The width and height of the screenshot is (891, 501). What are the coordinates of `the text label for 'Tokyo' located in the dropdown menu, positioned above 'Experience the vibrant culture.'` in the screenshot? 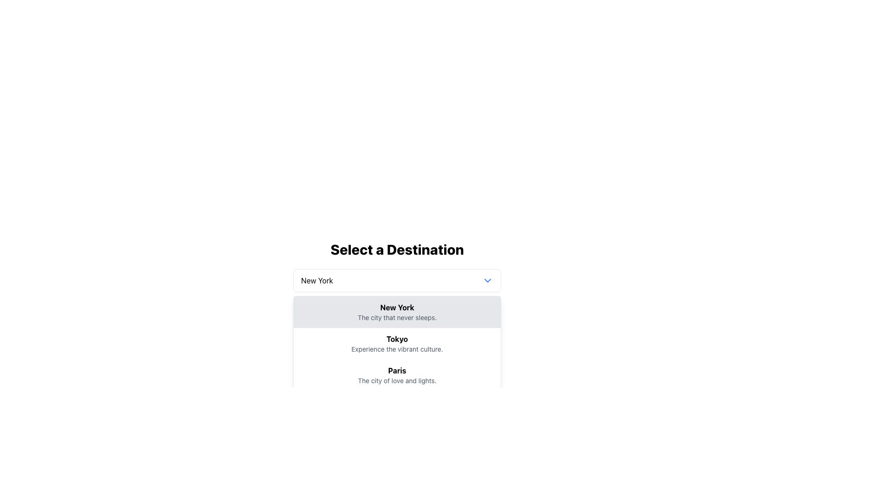 It's located at (397, 339).